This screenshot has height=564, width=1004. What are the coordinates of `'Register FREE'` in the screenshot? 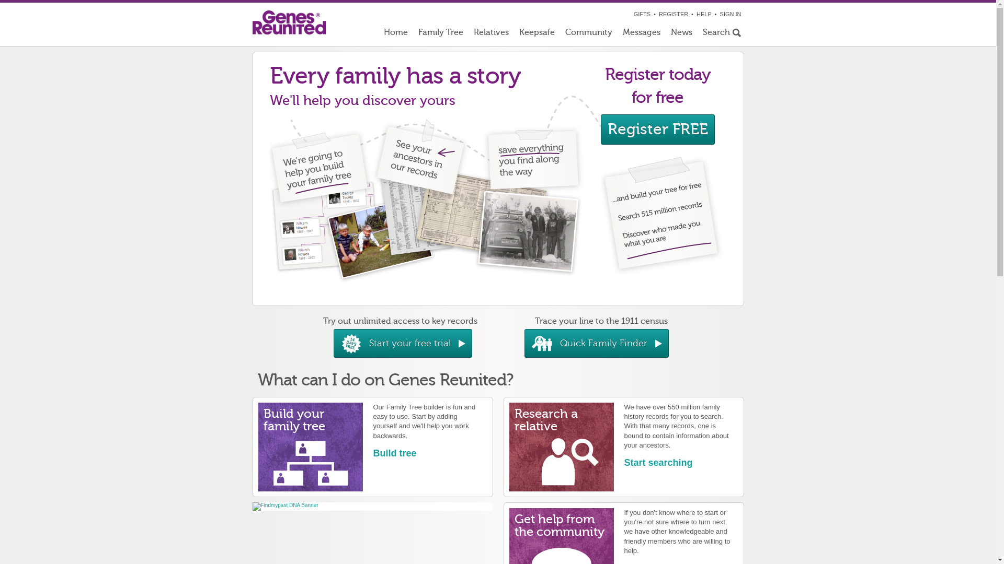 It's located at (657, 128).